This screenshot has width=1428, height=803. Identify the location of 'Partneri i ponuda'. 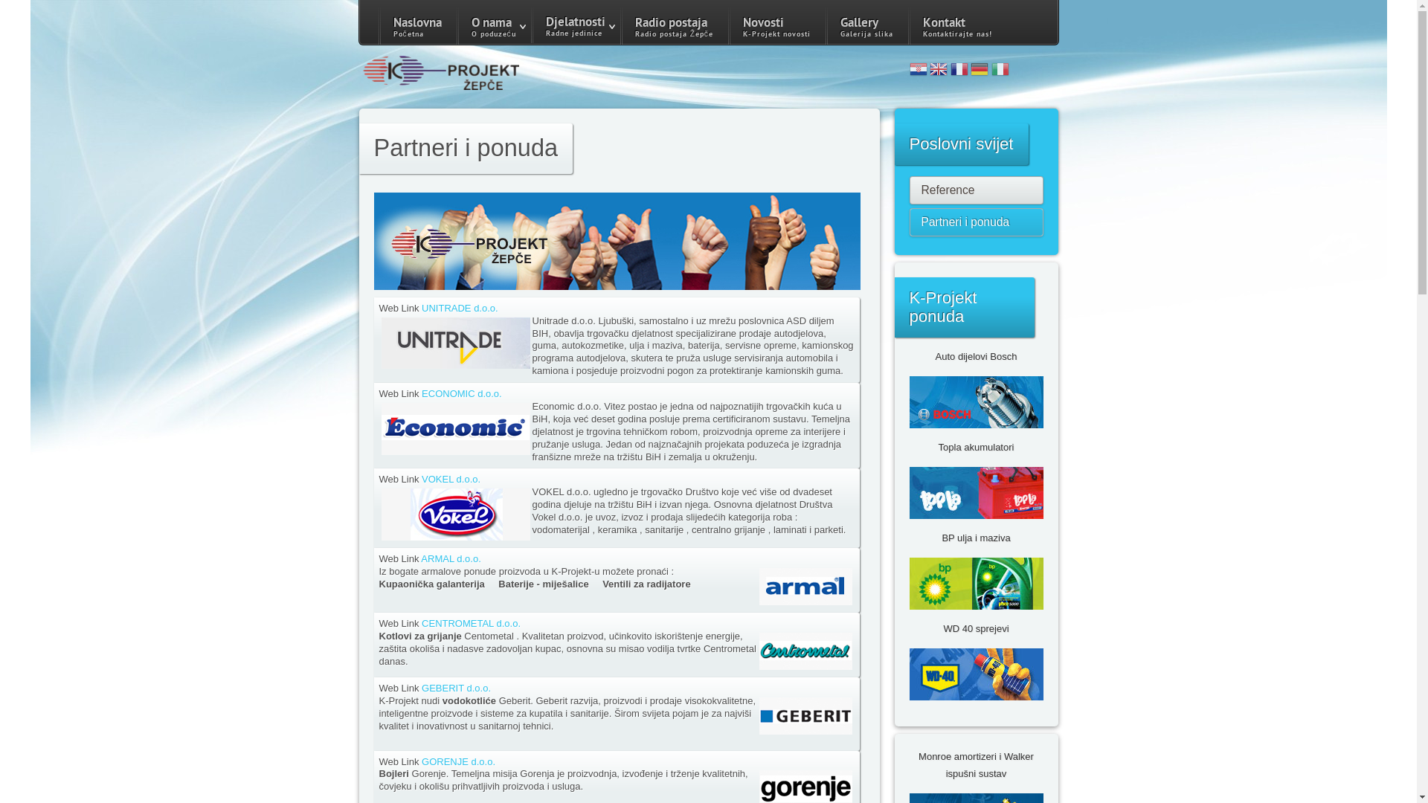
(977, 222).